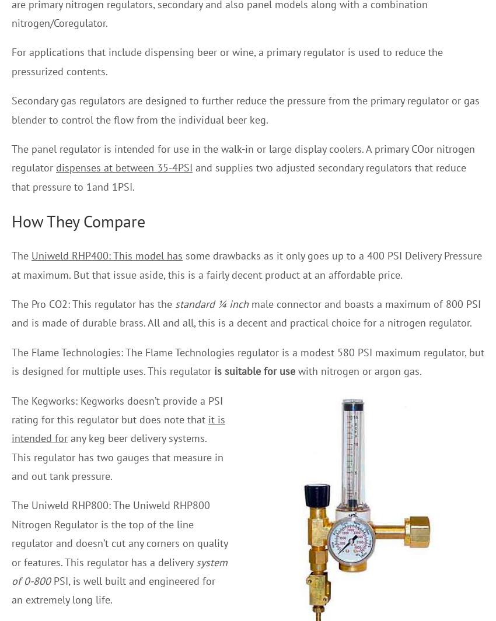 Image resolution: width=496 pixels, height=621 pixels. I want to click on 'The Flame Technologies: The Flame Technologies regulator is a modest 580 PSI maximum regulator, but is designed for multiple uses. This regulator', so click(248, 362).